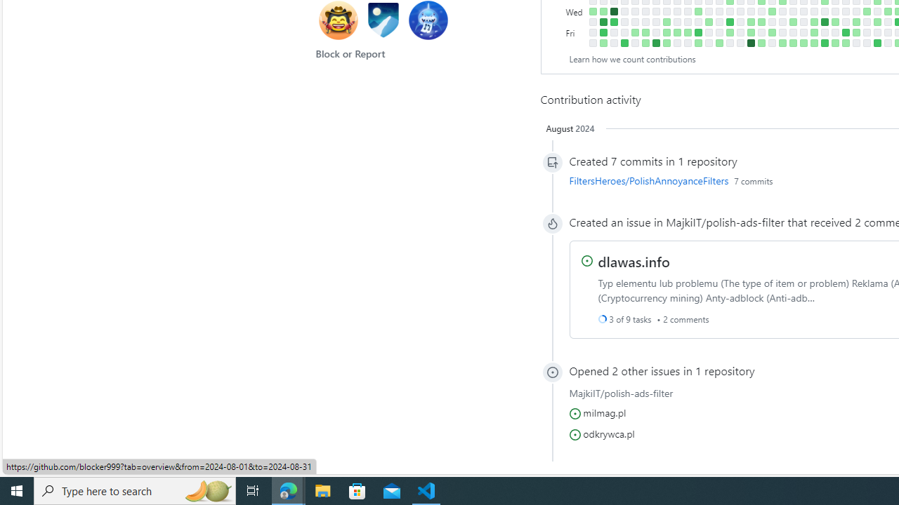 This screenshot has height=505, width=899. Describe the element at coordinates (575, 32) in the screenshot. I see `'Friday'` at that location.